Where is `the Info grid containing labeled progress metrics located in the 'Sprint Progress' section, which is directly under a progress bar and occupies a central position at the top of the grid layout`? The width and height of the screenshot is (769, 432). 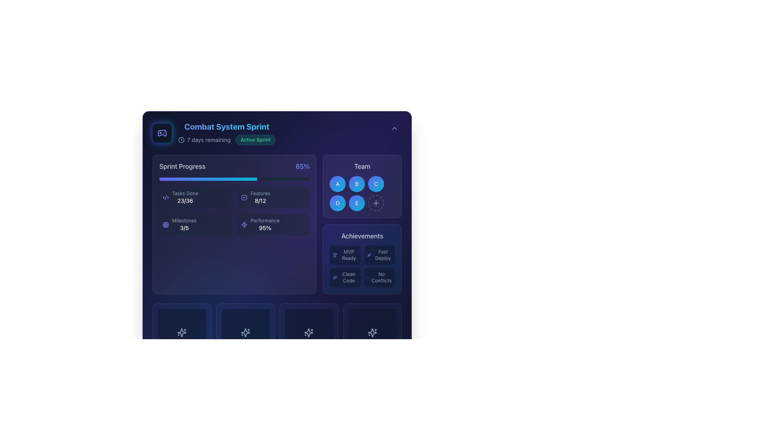
the Info grid containing labeled progress metrics located in the 'Sprint Progress' section, which is directly under a progress bar and occupies a central position at the top of the grid layout is located at coordinates (234, 211).